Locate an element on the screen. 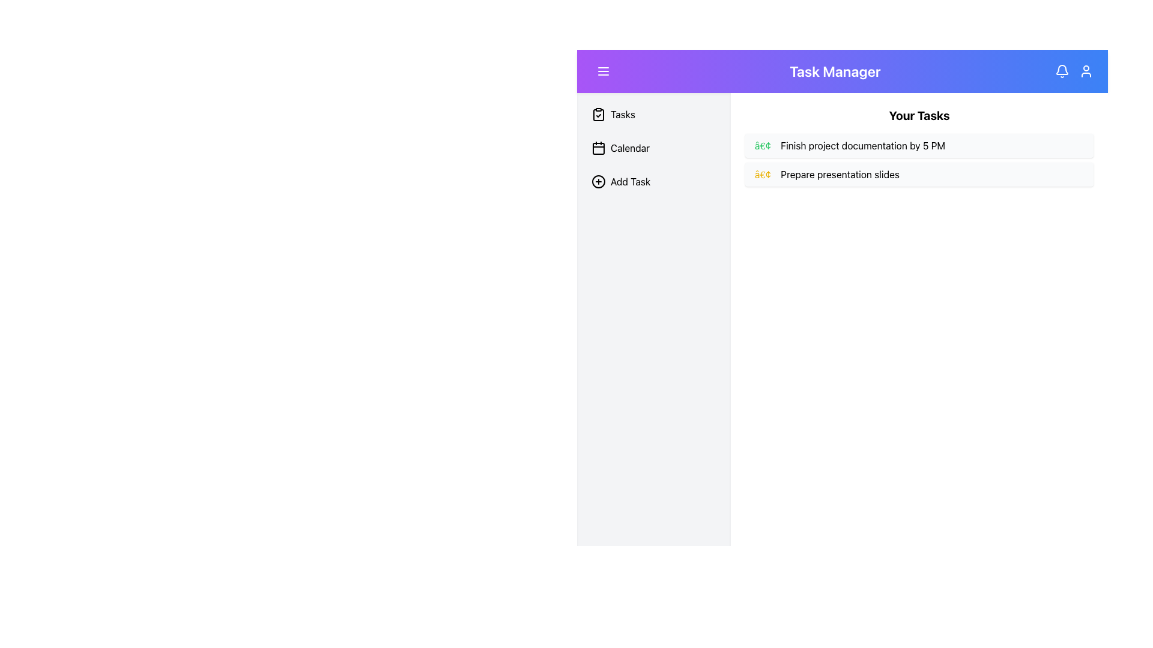  the task list item with the text 'Prepare presentation slides' is located at coordinates (919, 174).